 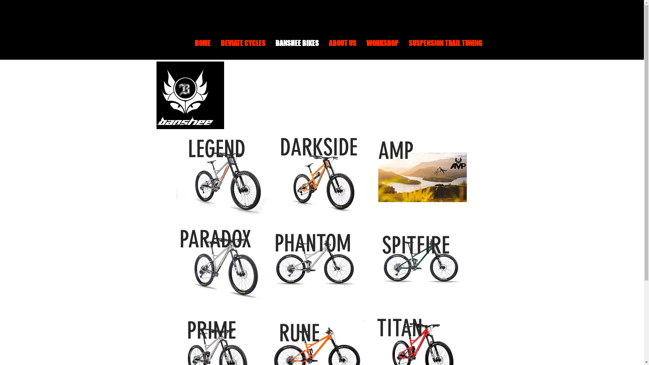 I want to click on 'SUSPENSION TRAIL TUNING', so click(x=404, y=47).